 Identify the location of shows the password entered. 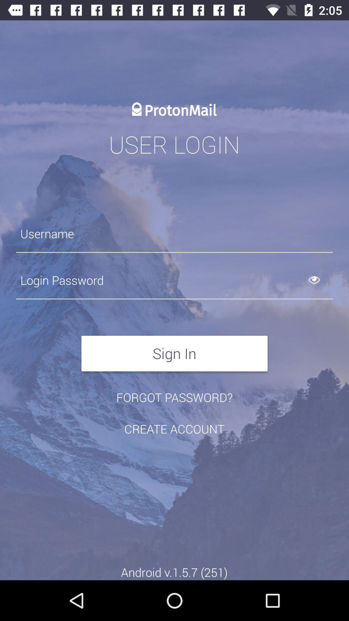
(322, 280).